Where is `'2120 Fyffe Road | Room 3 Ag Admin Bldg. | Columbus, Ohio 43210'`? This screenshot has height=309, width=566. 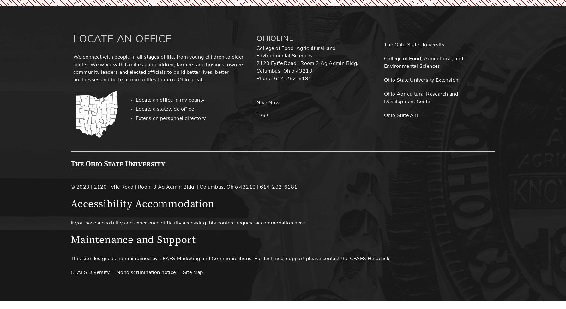
'2120 Fyffe Road | Room 3 Ag Admin Bldg. | Columbus, Ohio 43210' is located at coordinates (174, 187).